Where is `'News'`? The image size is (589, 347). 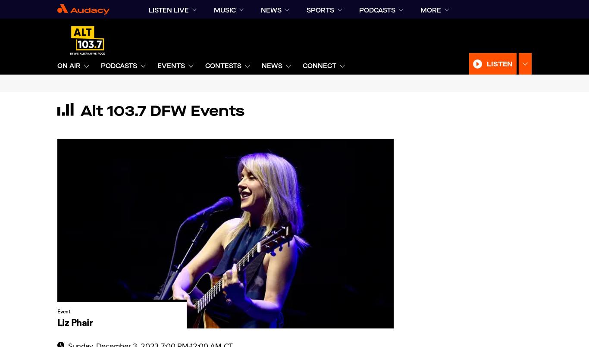 'News' is located at coordinates (261, 66).